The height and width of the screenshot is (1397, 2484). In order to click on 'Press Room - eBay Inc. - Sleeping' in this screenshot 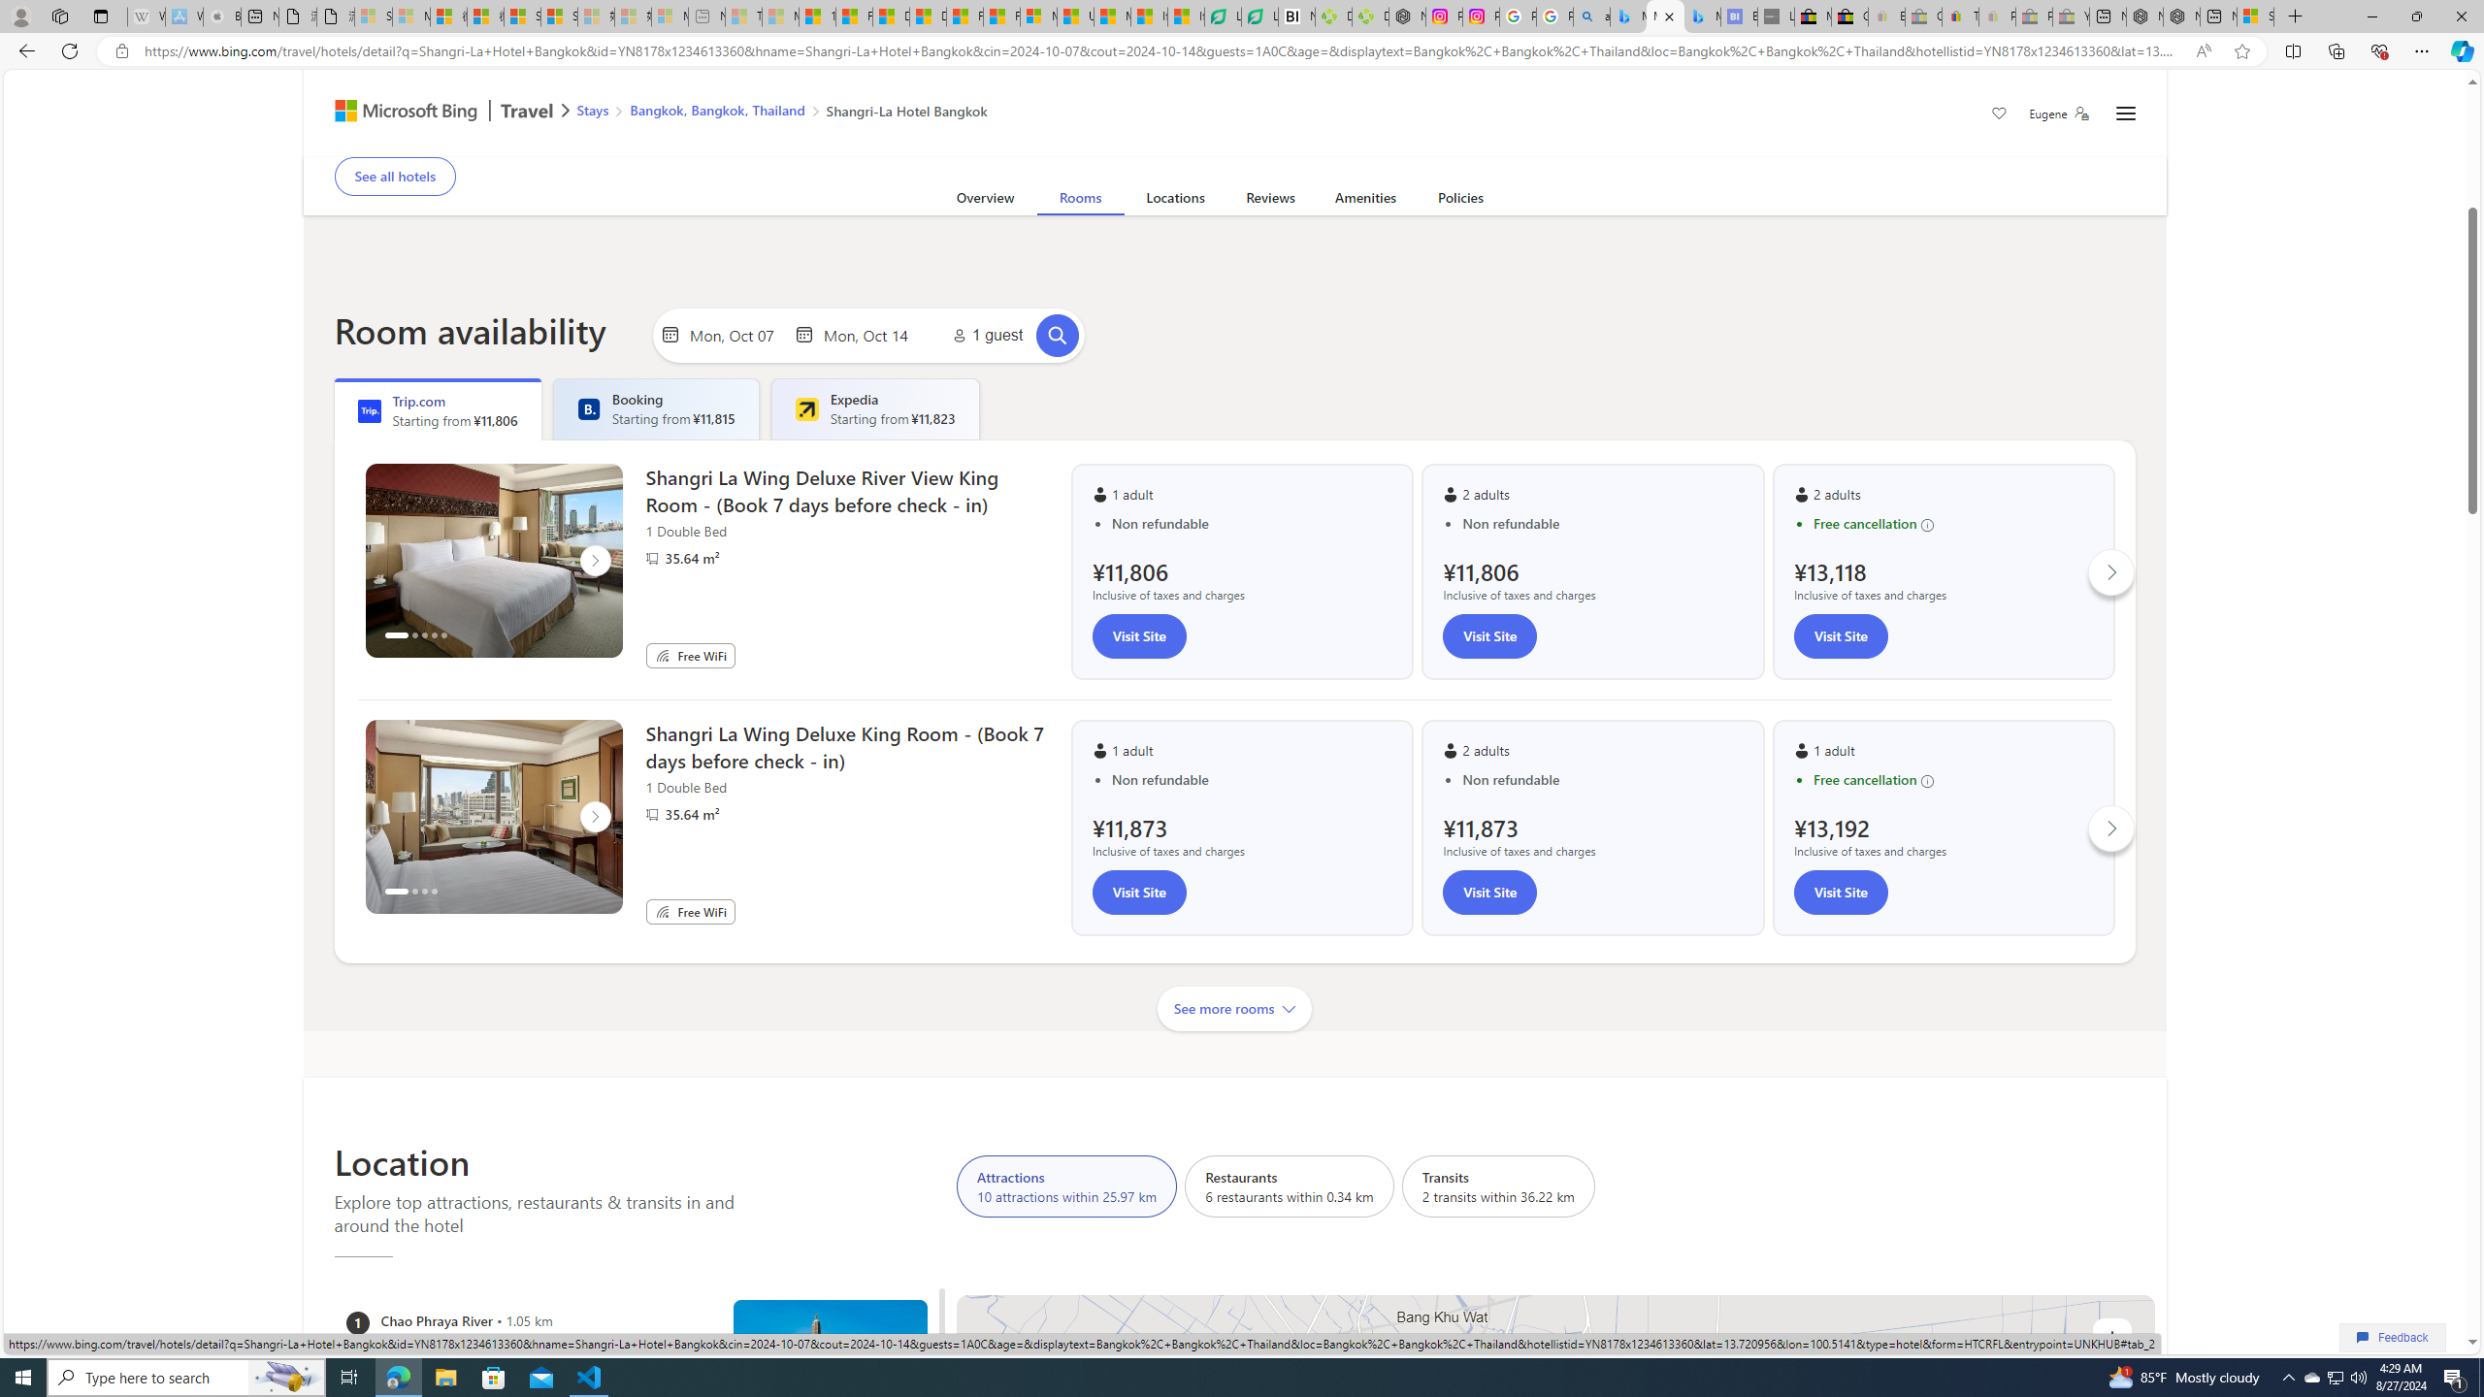, I will do `click(2033, 16)`.